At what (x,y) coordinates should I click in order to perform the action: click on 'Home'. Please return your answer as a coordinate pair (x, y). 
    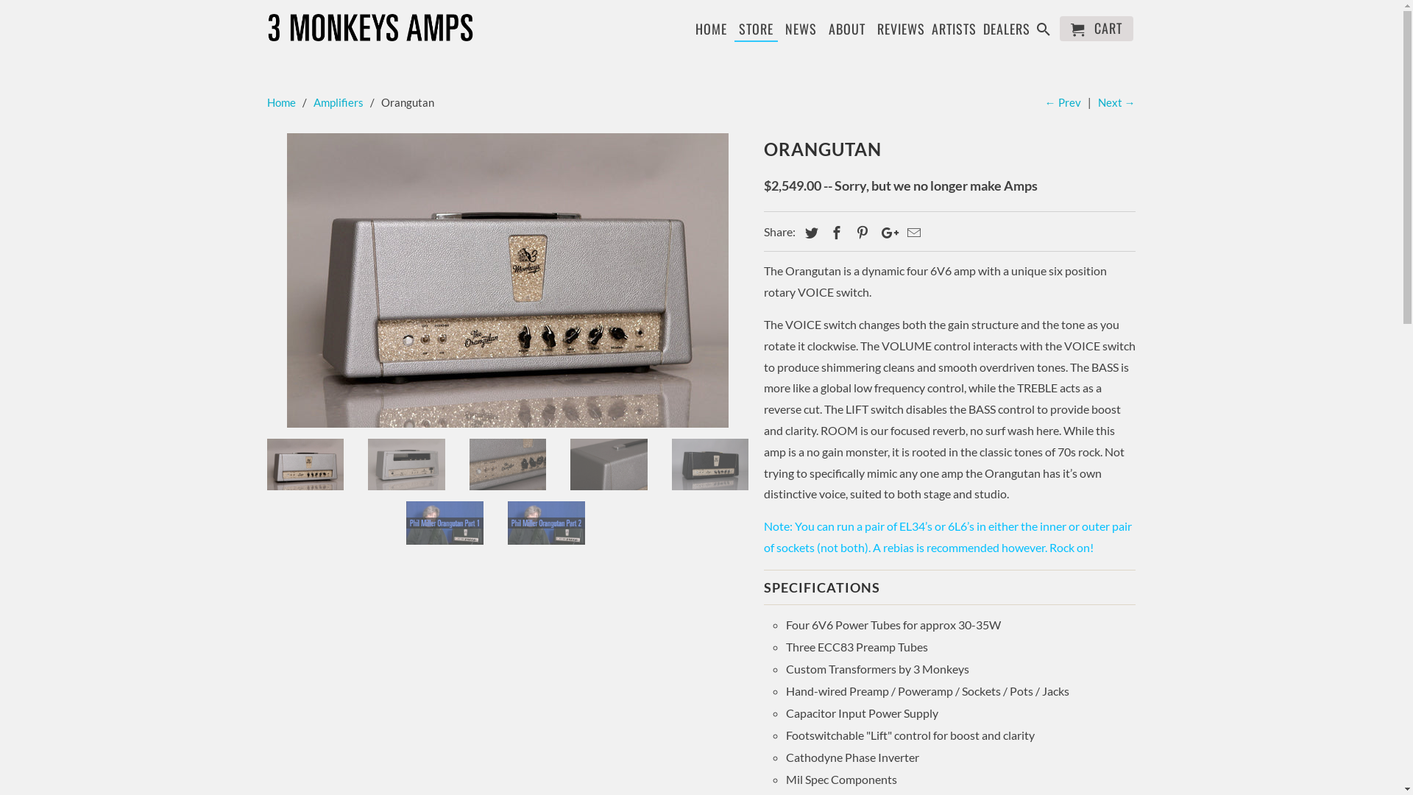
    Looking at the image, I should click on (266, 101).